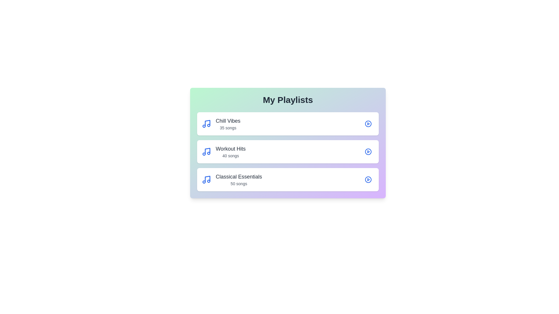  What do you see at coordinates (288, 151) in the screenshot?
I see `the playlist 'Workout Hits' to view its details` at bounding box center [288, 151].